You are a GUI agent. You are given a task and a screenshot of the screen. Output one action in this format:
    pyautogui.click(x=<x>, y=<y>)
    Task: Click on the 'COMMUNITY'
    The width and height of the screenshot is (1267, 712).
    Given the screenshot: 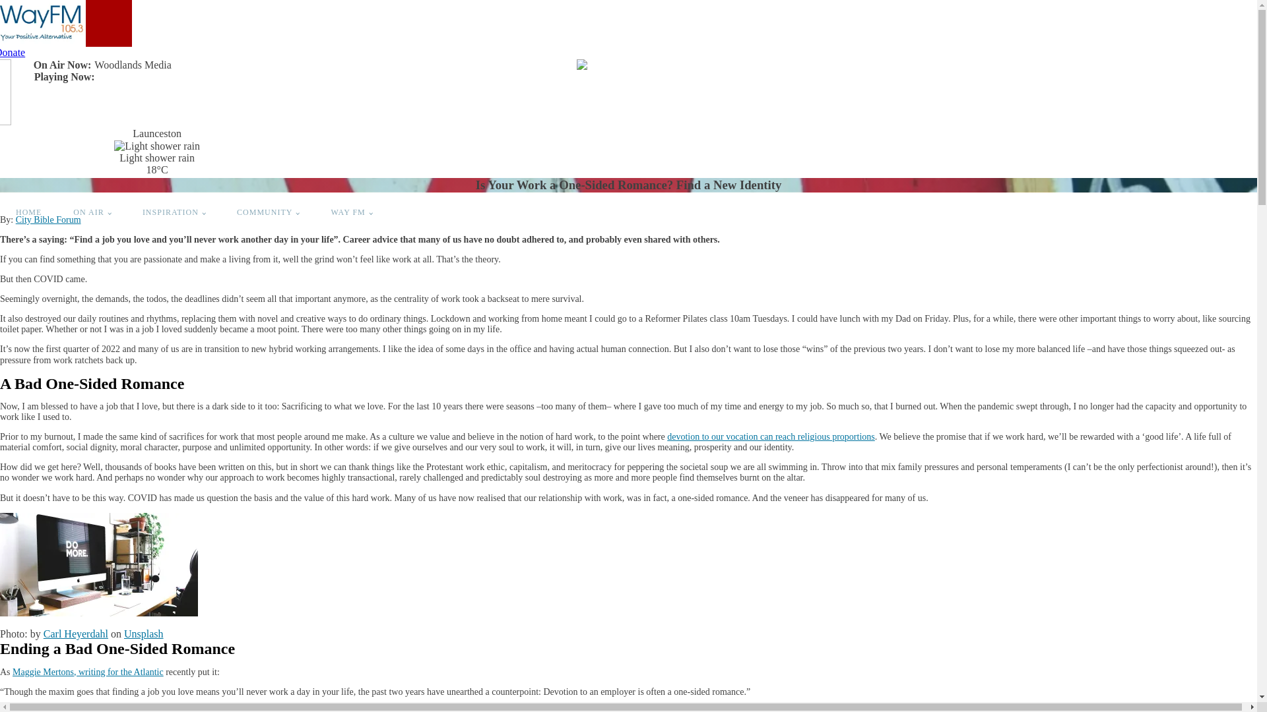 What is the action you would take?
    pyautogui.click(x=267, y=212)
    